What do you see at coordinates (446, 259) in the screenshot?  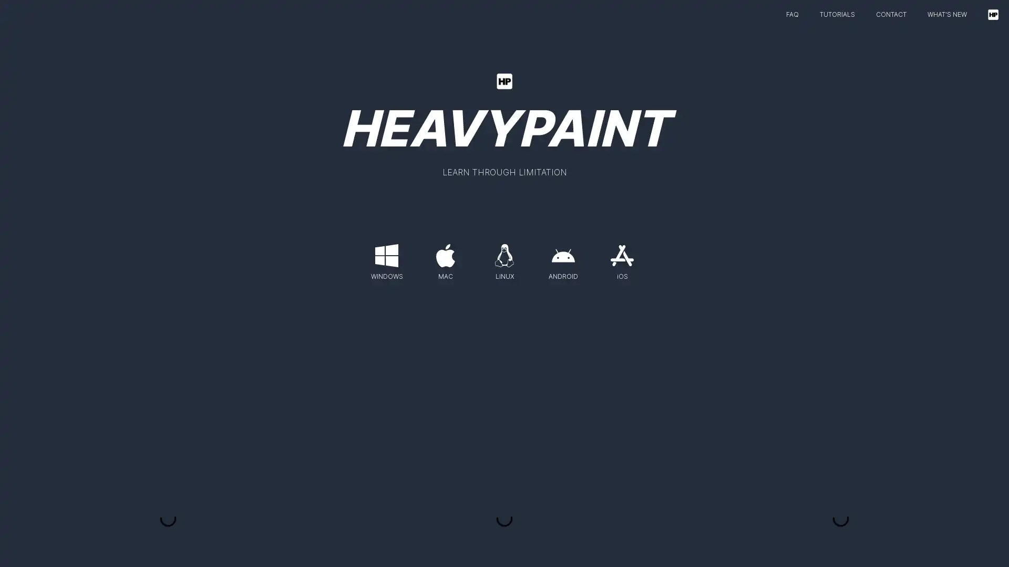 I see `MAC` at bounding box center [446, 259].